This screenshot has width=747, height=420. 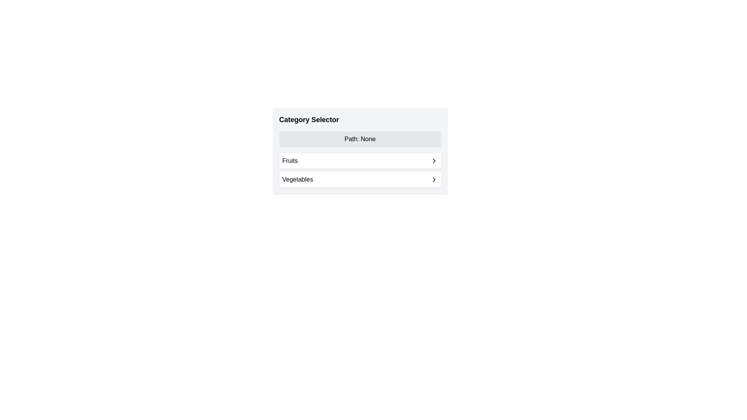 I want to click on the 'Vegetables' category button located under the 'Category Selector' title, which is the second option below 'Fruits', so click(x=359, y=180).